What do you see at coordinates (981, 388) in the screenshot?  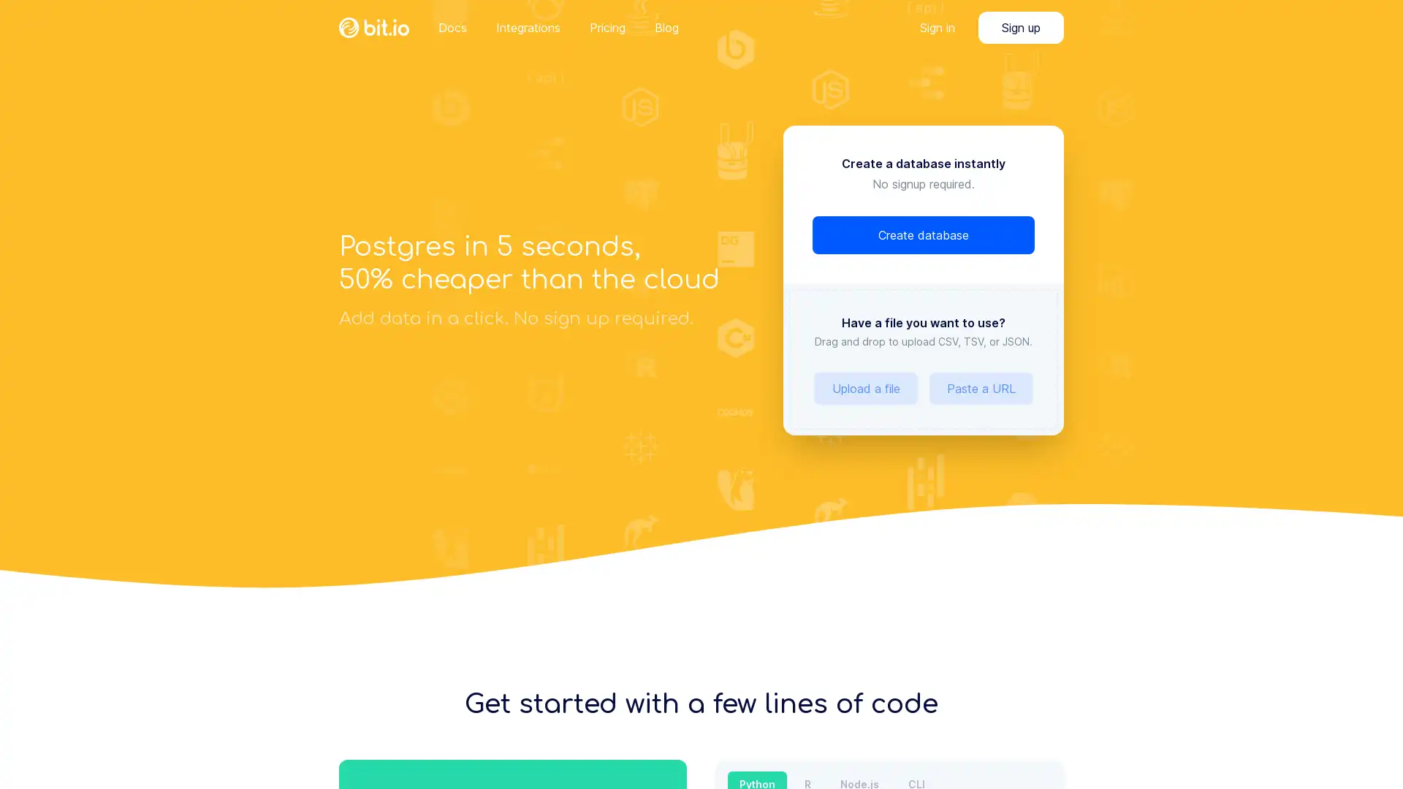 I see `Paste a URL` at bounding box center [981, 388].